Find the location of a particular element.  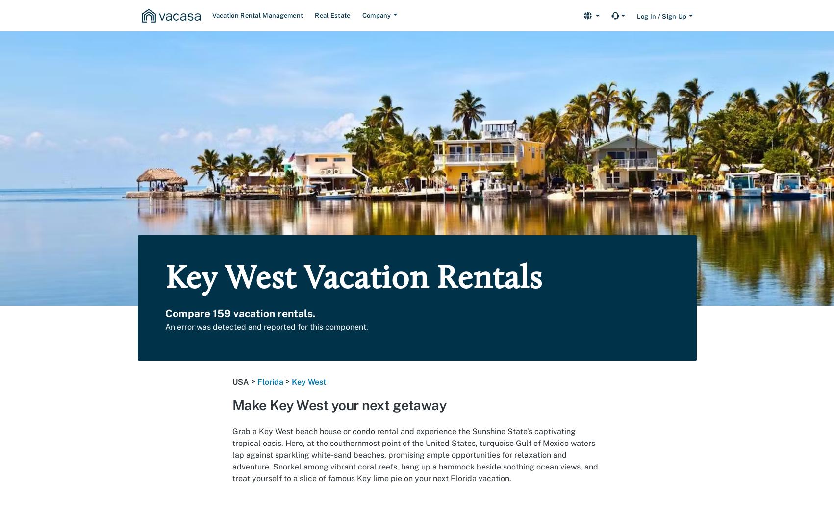

'Company' is located at coordinates (362, 15).